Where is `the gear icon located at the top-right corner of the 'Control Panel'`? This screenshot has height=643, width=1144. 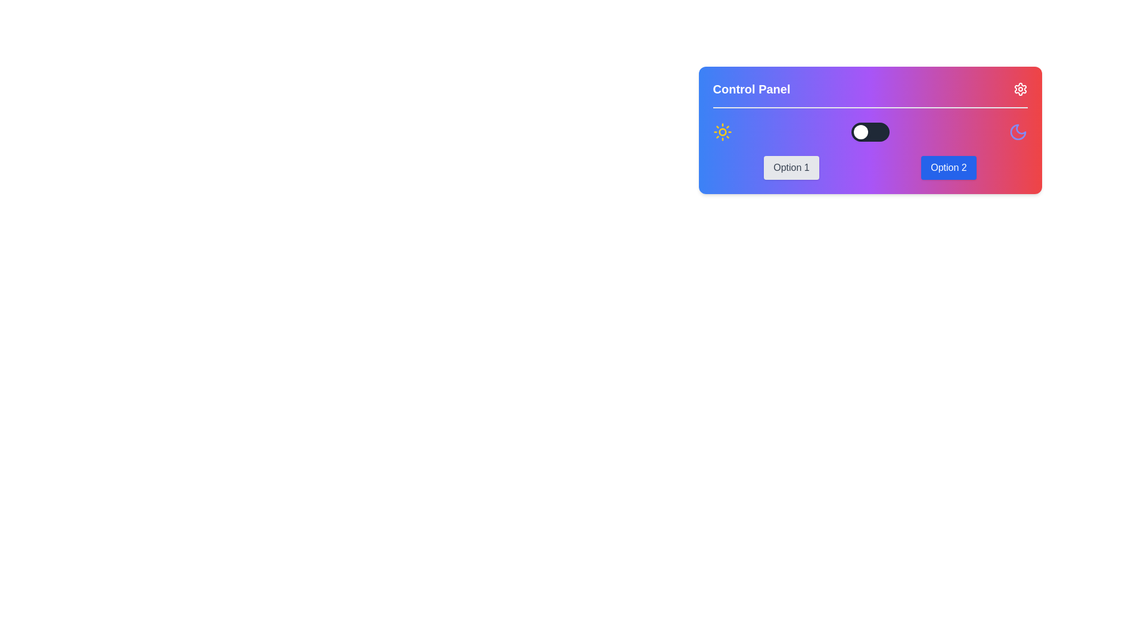
the gear icon located at the top-right corner of the 'Control Panel' is located at coordinates (1019, 89).